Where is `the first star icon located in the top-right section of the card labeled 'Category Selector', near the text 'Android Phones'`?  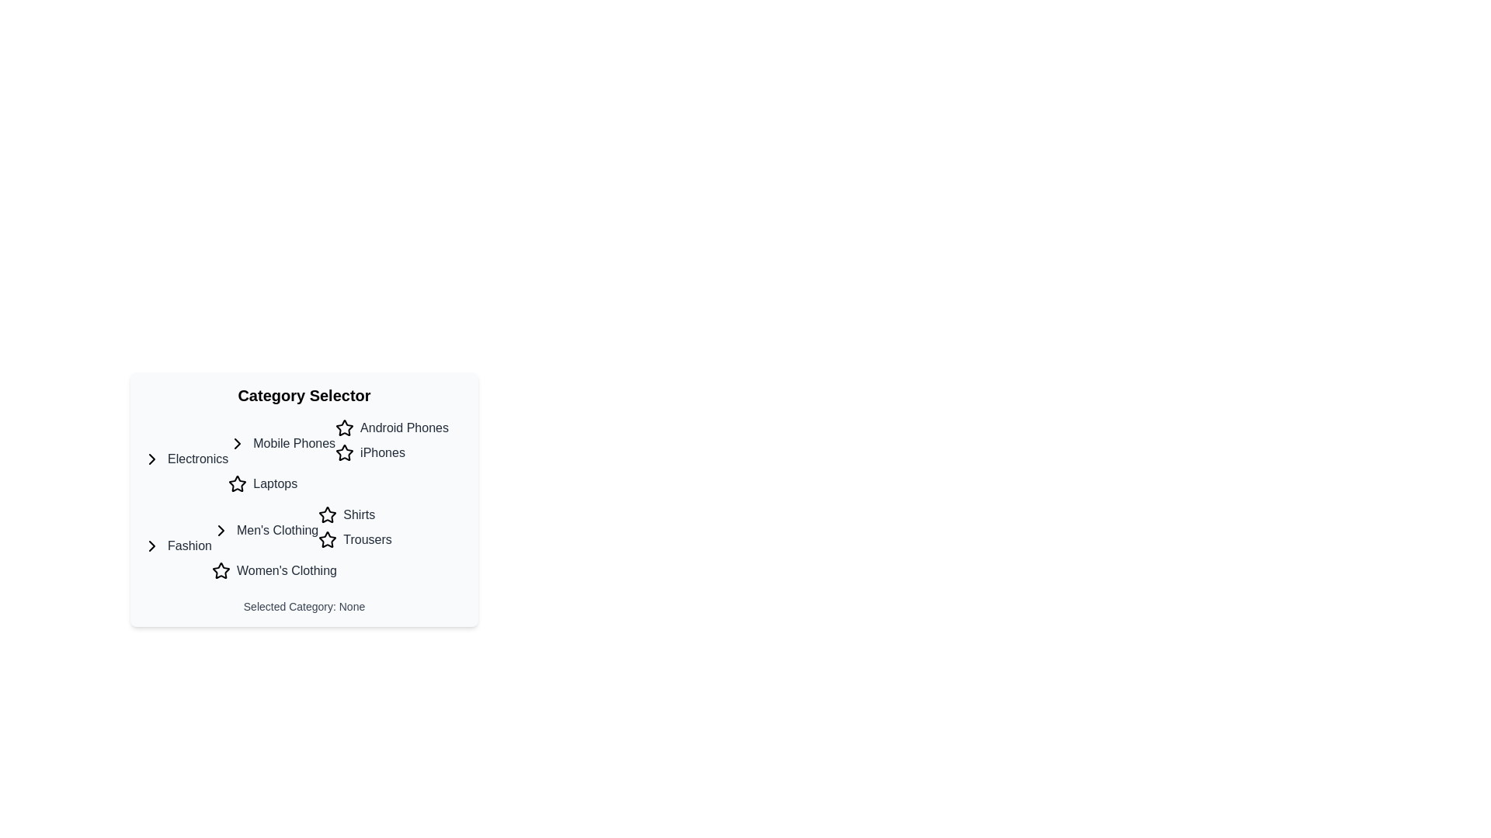 the first star icon located in the top-right section of the card labeled 'Category Selector', near the text 'Android Phones' is located at coordinates (344, 428).